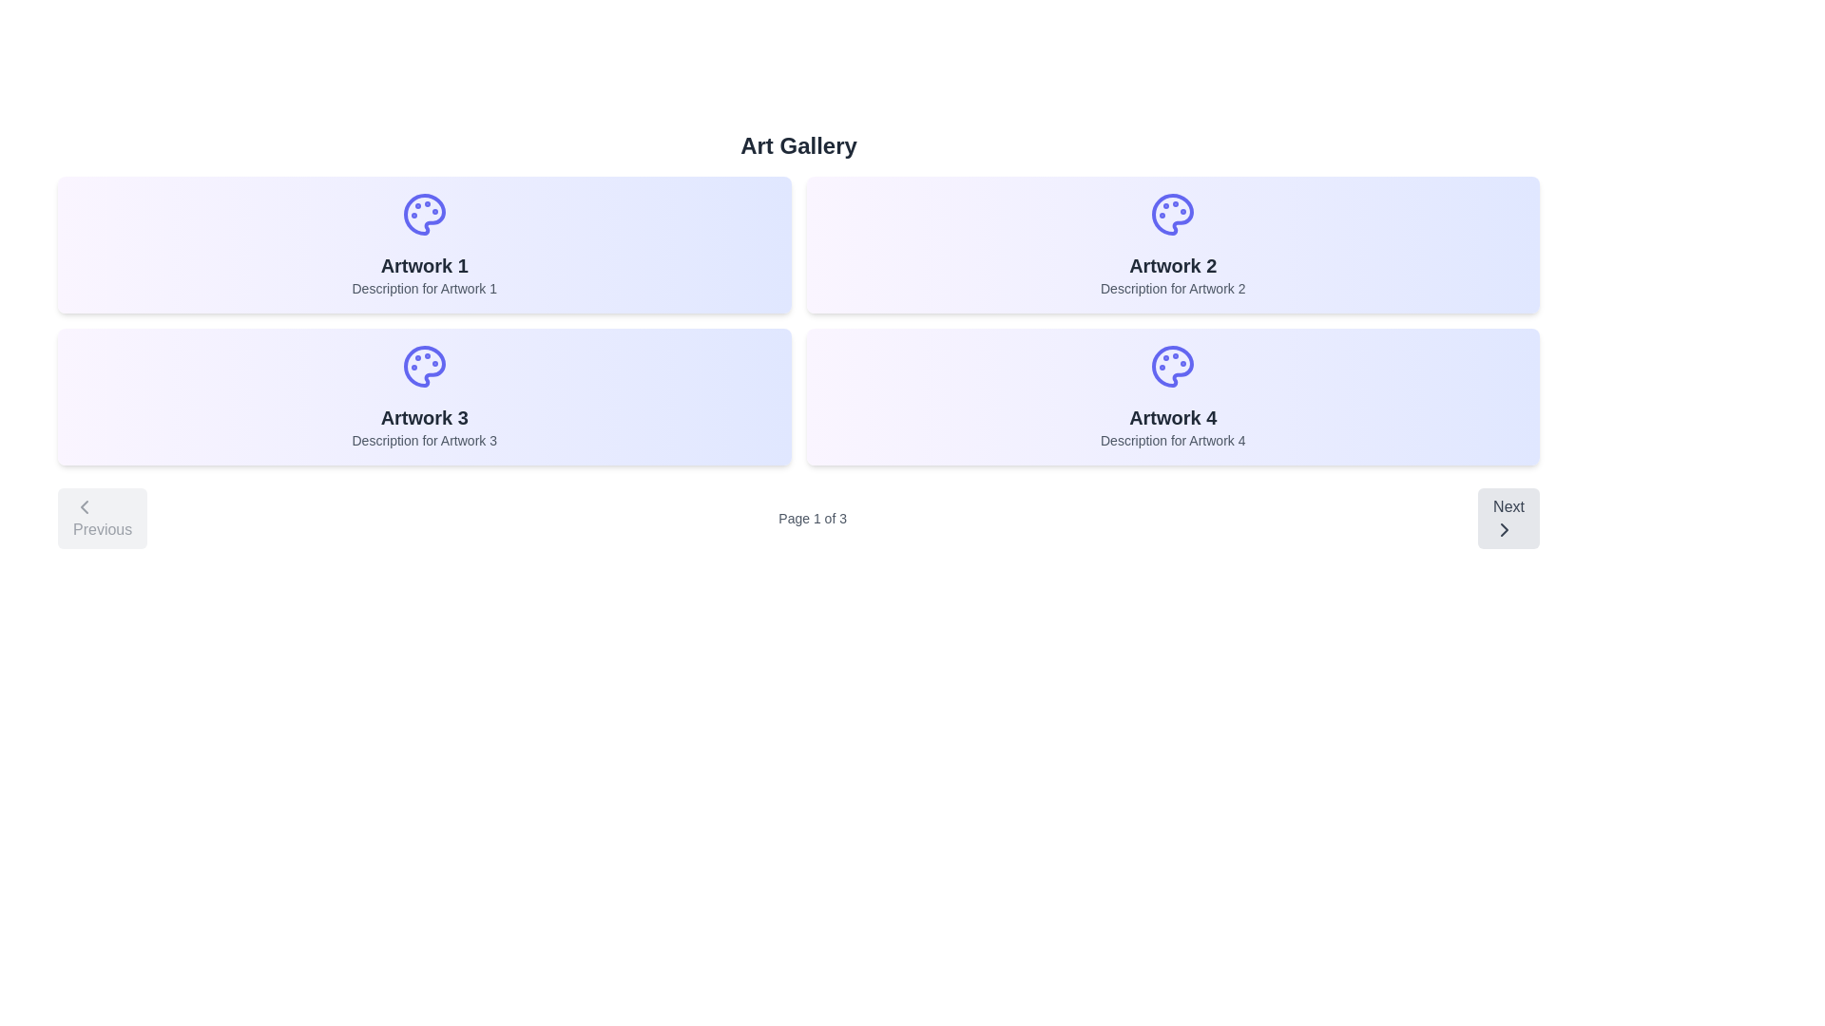  What do you see at coordinates (798, 145) in the screenshot?
I see `the prominent title text 'Art Gallery', which is a large, bold heading centered at the top of the content area` at bounding box center [798, 145].